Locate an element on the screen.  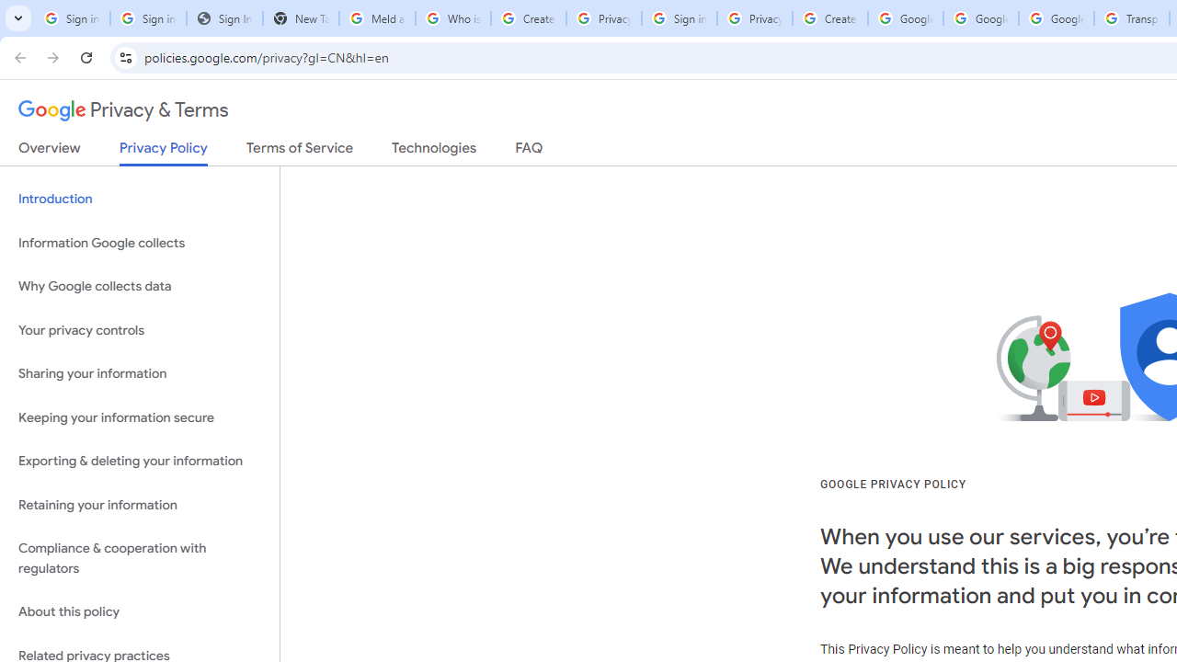
'Sign in - Google Accounts' is located at coordinates (678, 18).